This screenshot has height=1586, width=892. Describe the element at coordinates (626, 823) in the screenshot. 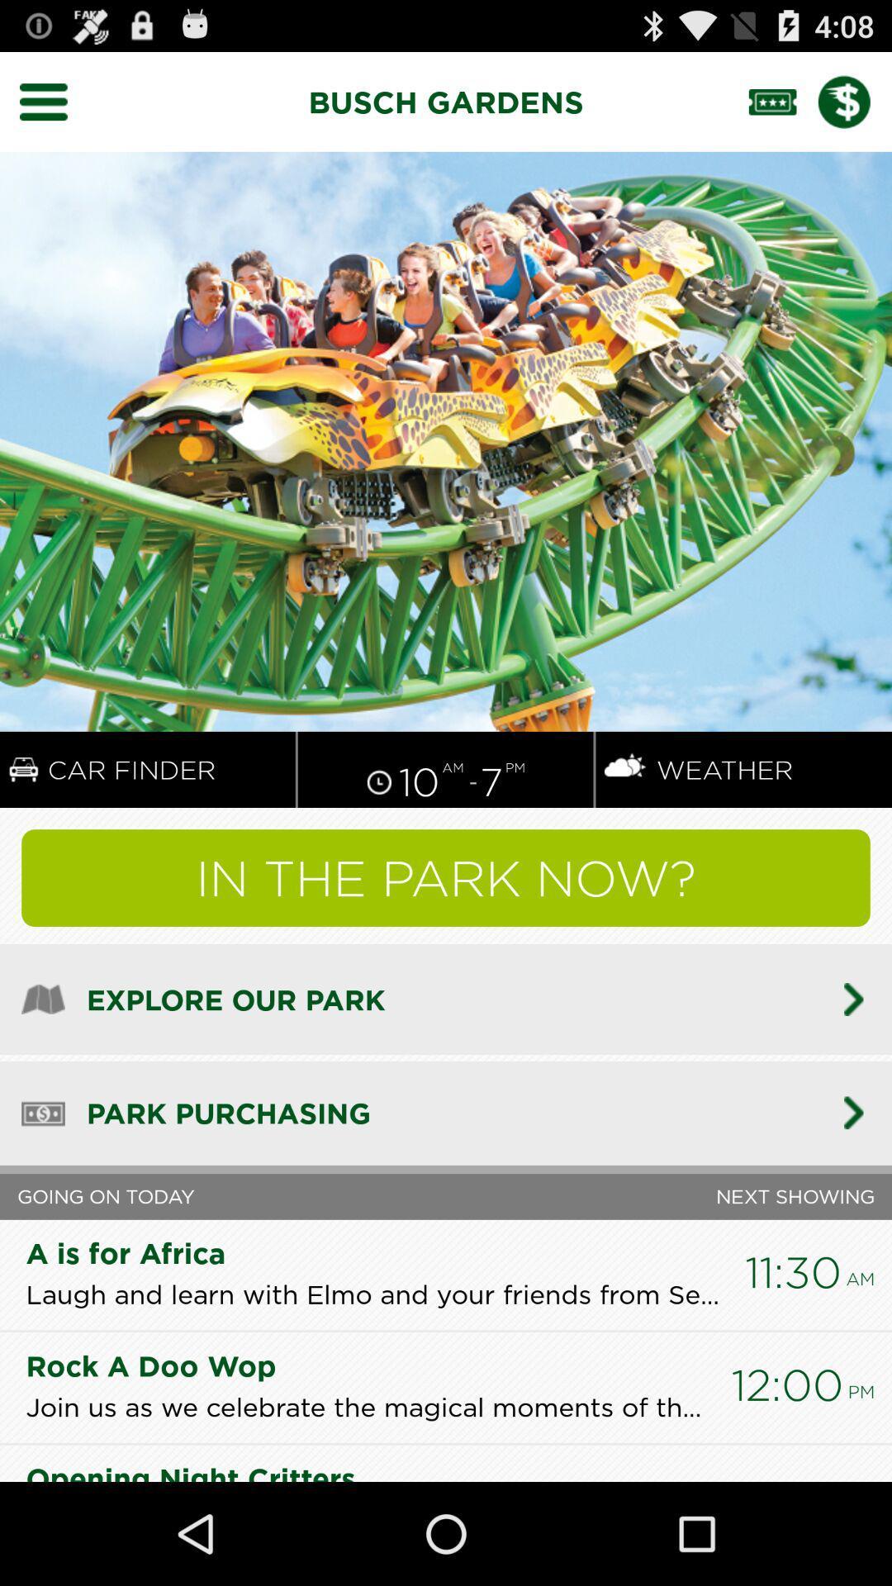

I see `the weather icon` at that location.